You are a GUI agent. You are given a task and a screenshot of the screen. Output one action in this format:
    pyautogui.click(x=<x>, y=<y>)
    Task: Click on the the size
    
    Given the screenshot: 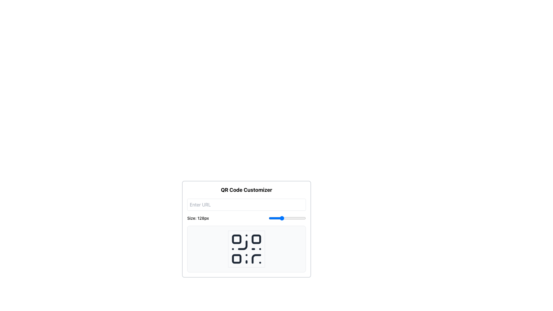 What is the action you would take?
    pyautogui.click(x=283, y=218)
    